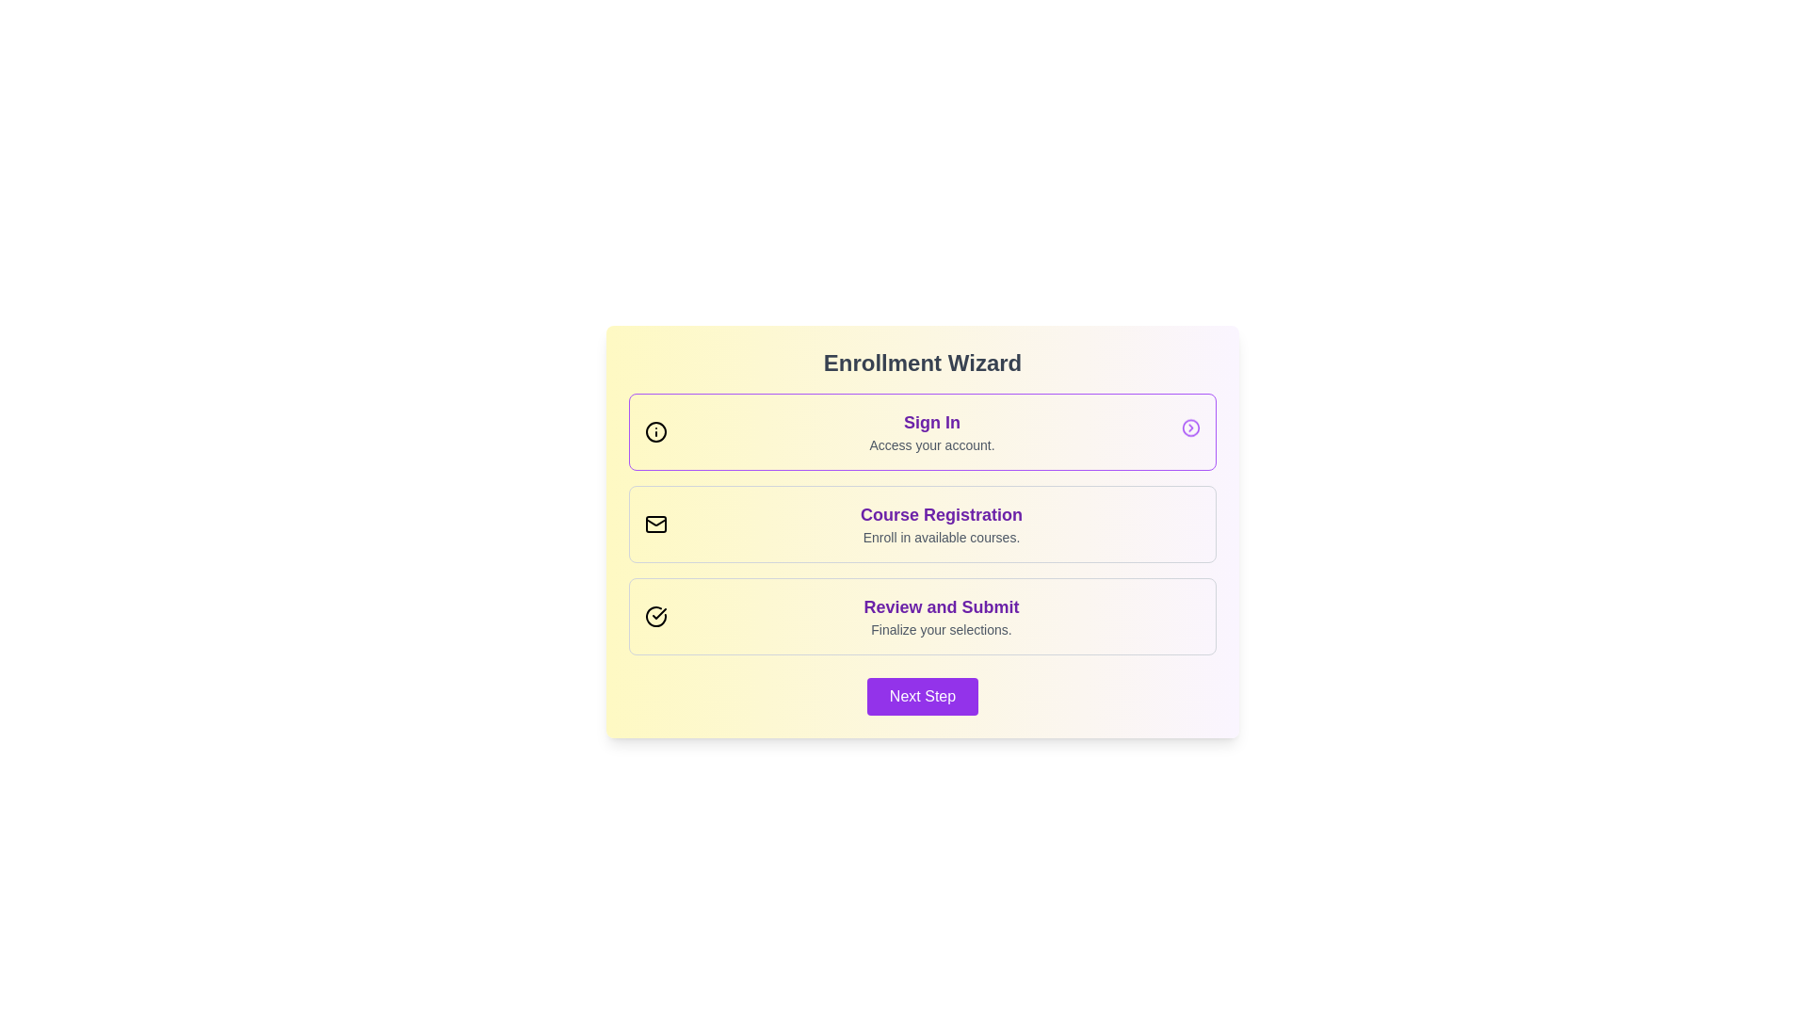 This screenshot has width=1808, height=1017. I want to click on the circular outline icon located to the right of the 'Sign In' section in the 'Enrollment Wizard' interface, so click(1190, 429).